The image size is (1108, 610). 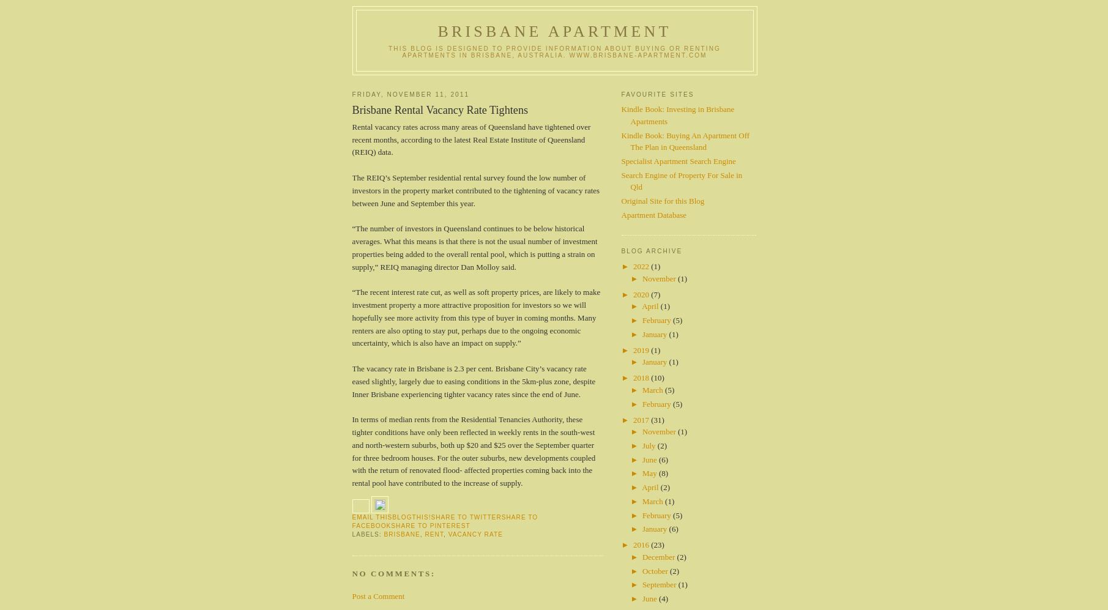 What do you see at coordinates (650, 544) in the screenshot?
I see `'(23)'` at bounding box center [650, 544].